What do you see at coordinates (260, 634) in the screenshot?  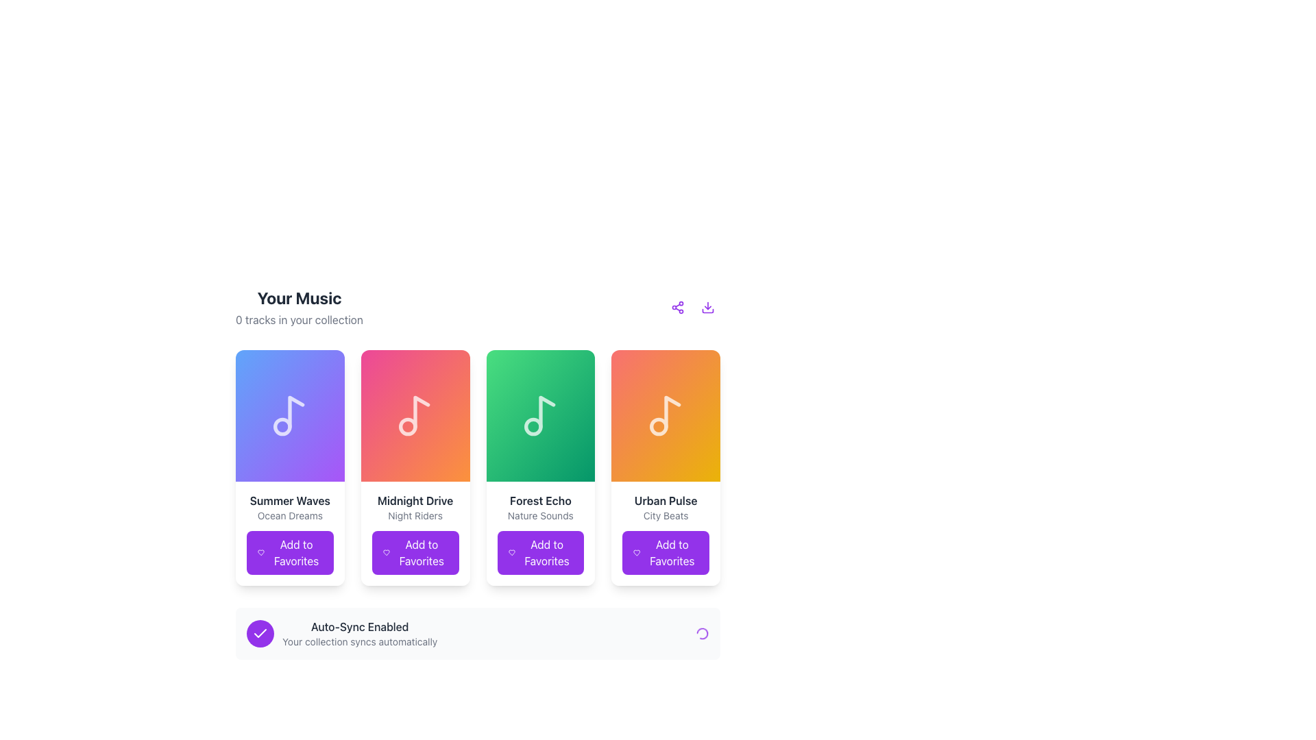 I see `the status indicated by the purple circular icon that represents the active status of the automated synchronization feature, located to the immediate left of the text 'Auto-Sync Enabled'` at bounding box center [260, 634].